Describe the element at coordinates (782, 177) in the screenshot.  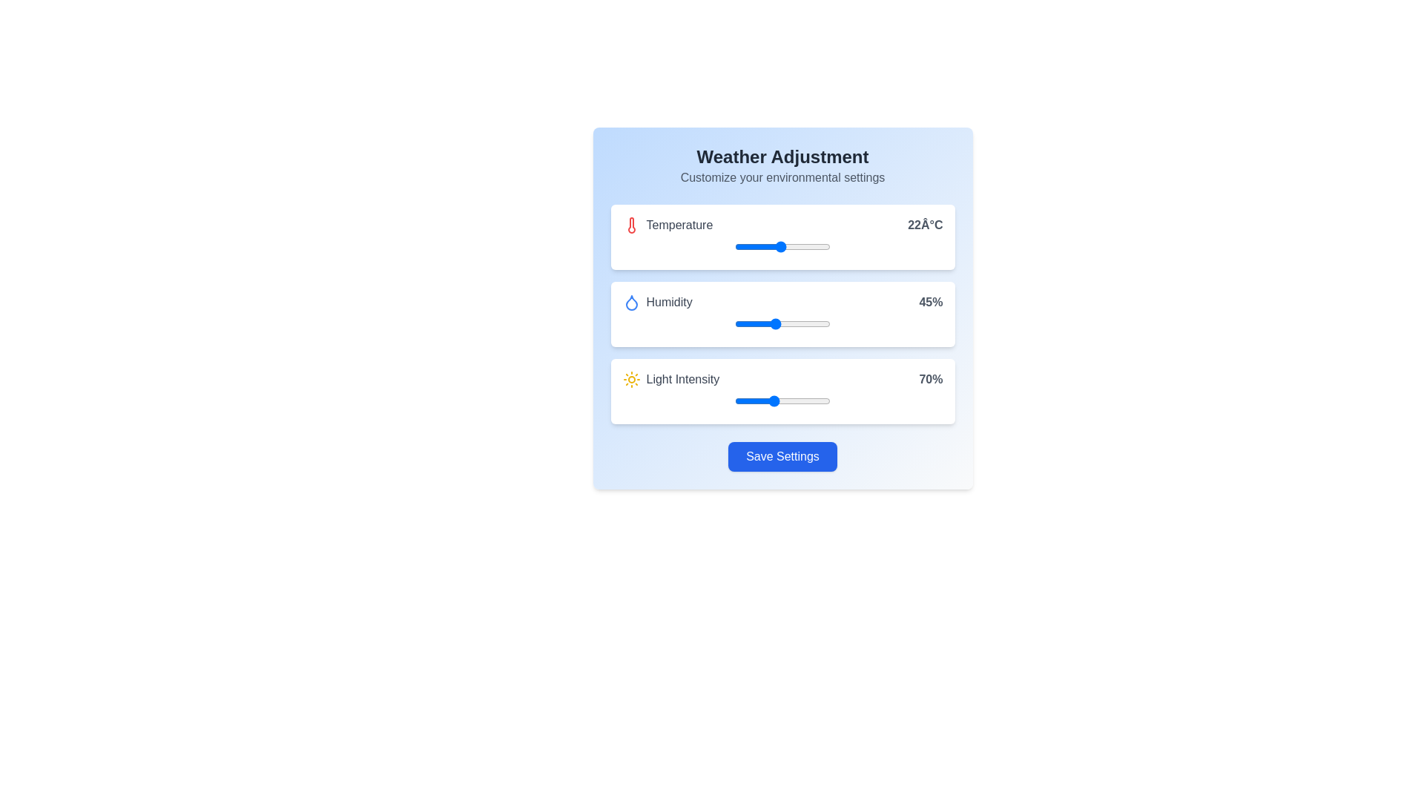
I see `the descriptive subtitle text label located below the 'Weather Adjustment' title` at that location.